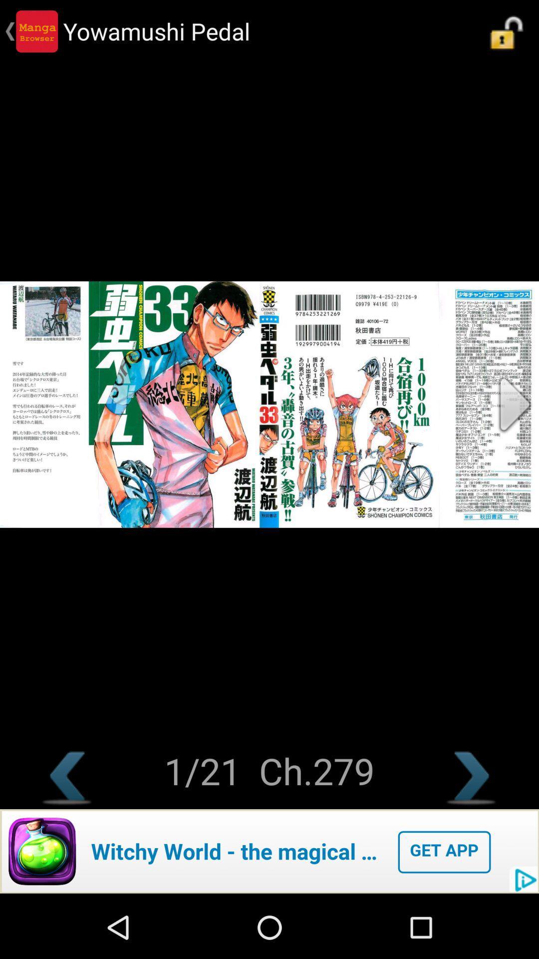  Describe the element at coordinates (67, 832) in the screenshot. I see `the arrow_backward icon` at that location.